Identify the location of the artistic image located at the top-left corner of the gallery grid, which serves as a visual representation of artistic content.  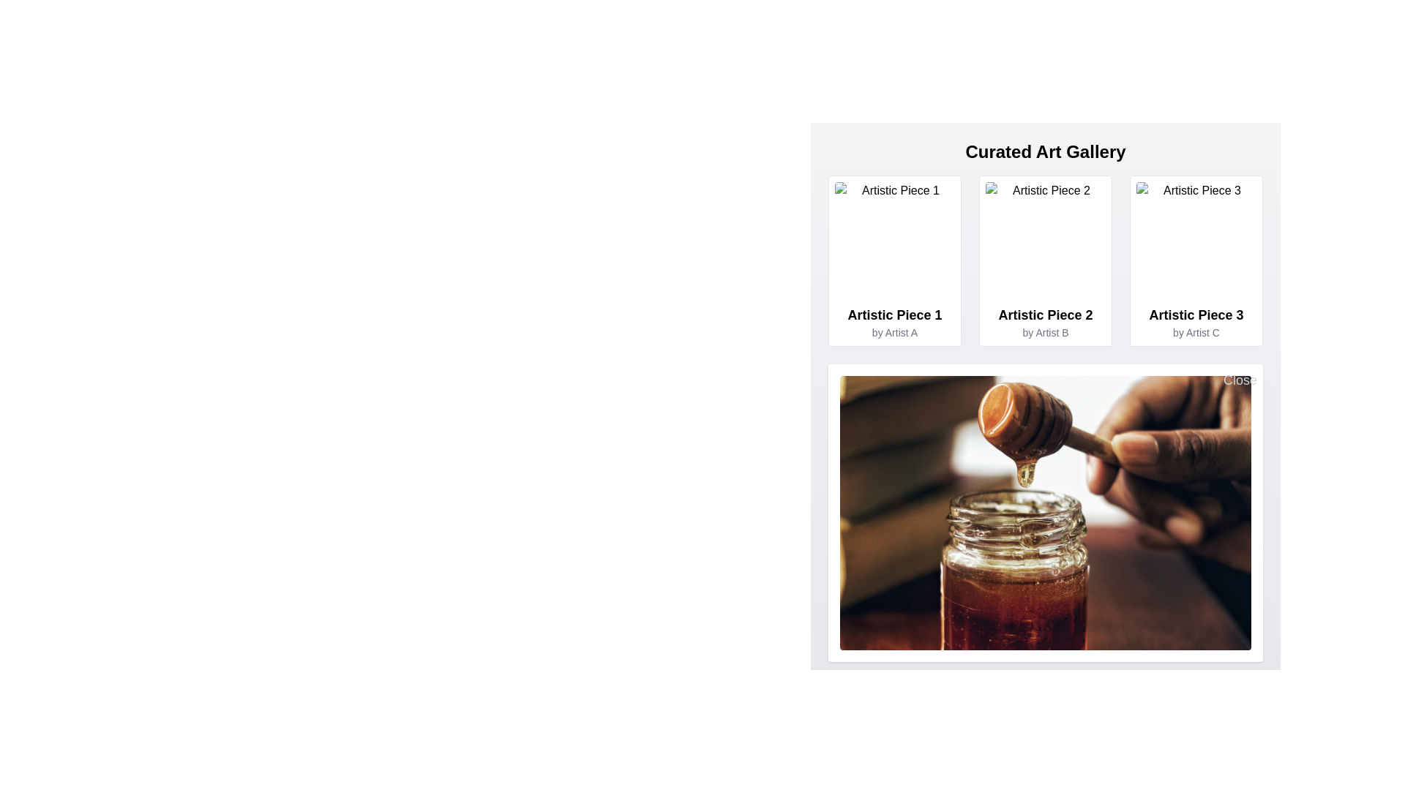
(894, 239).